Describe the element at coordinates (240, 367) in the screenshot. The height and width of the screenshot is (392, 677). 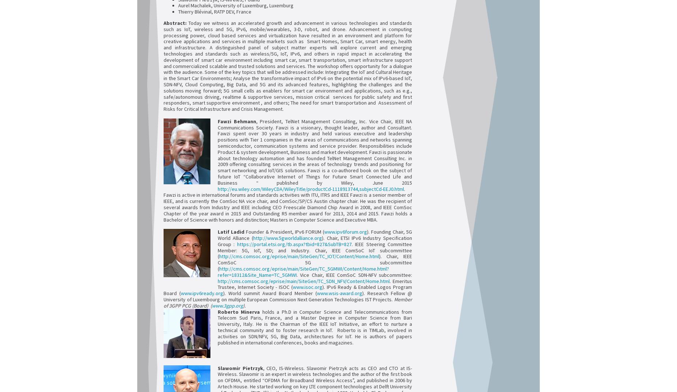
I see `'Slawomir Pietrzyk'` at that location.